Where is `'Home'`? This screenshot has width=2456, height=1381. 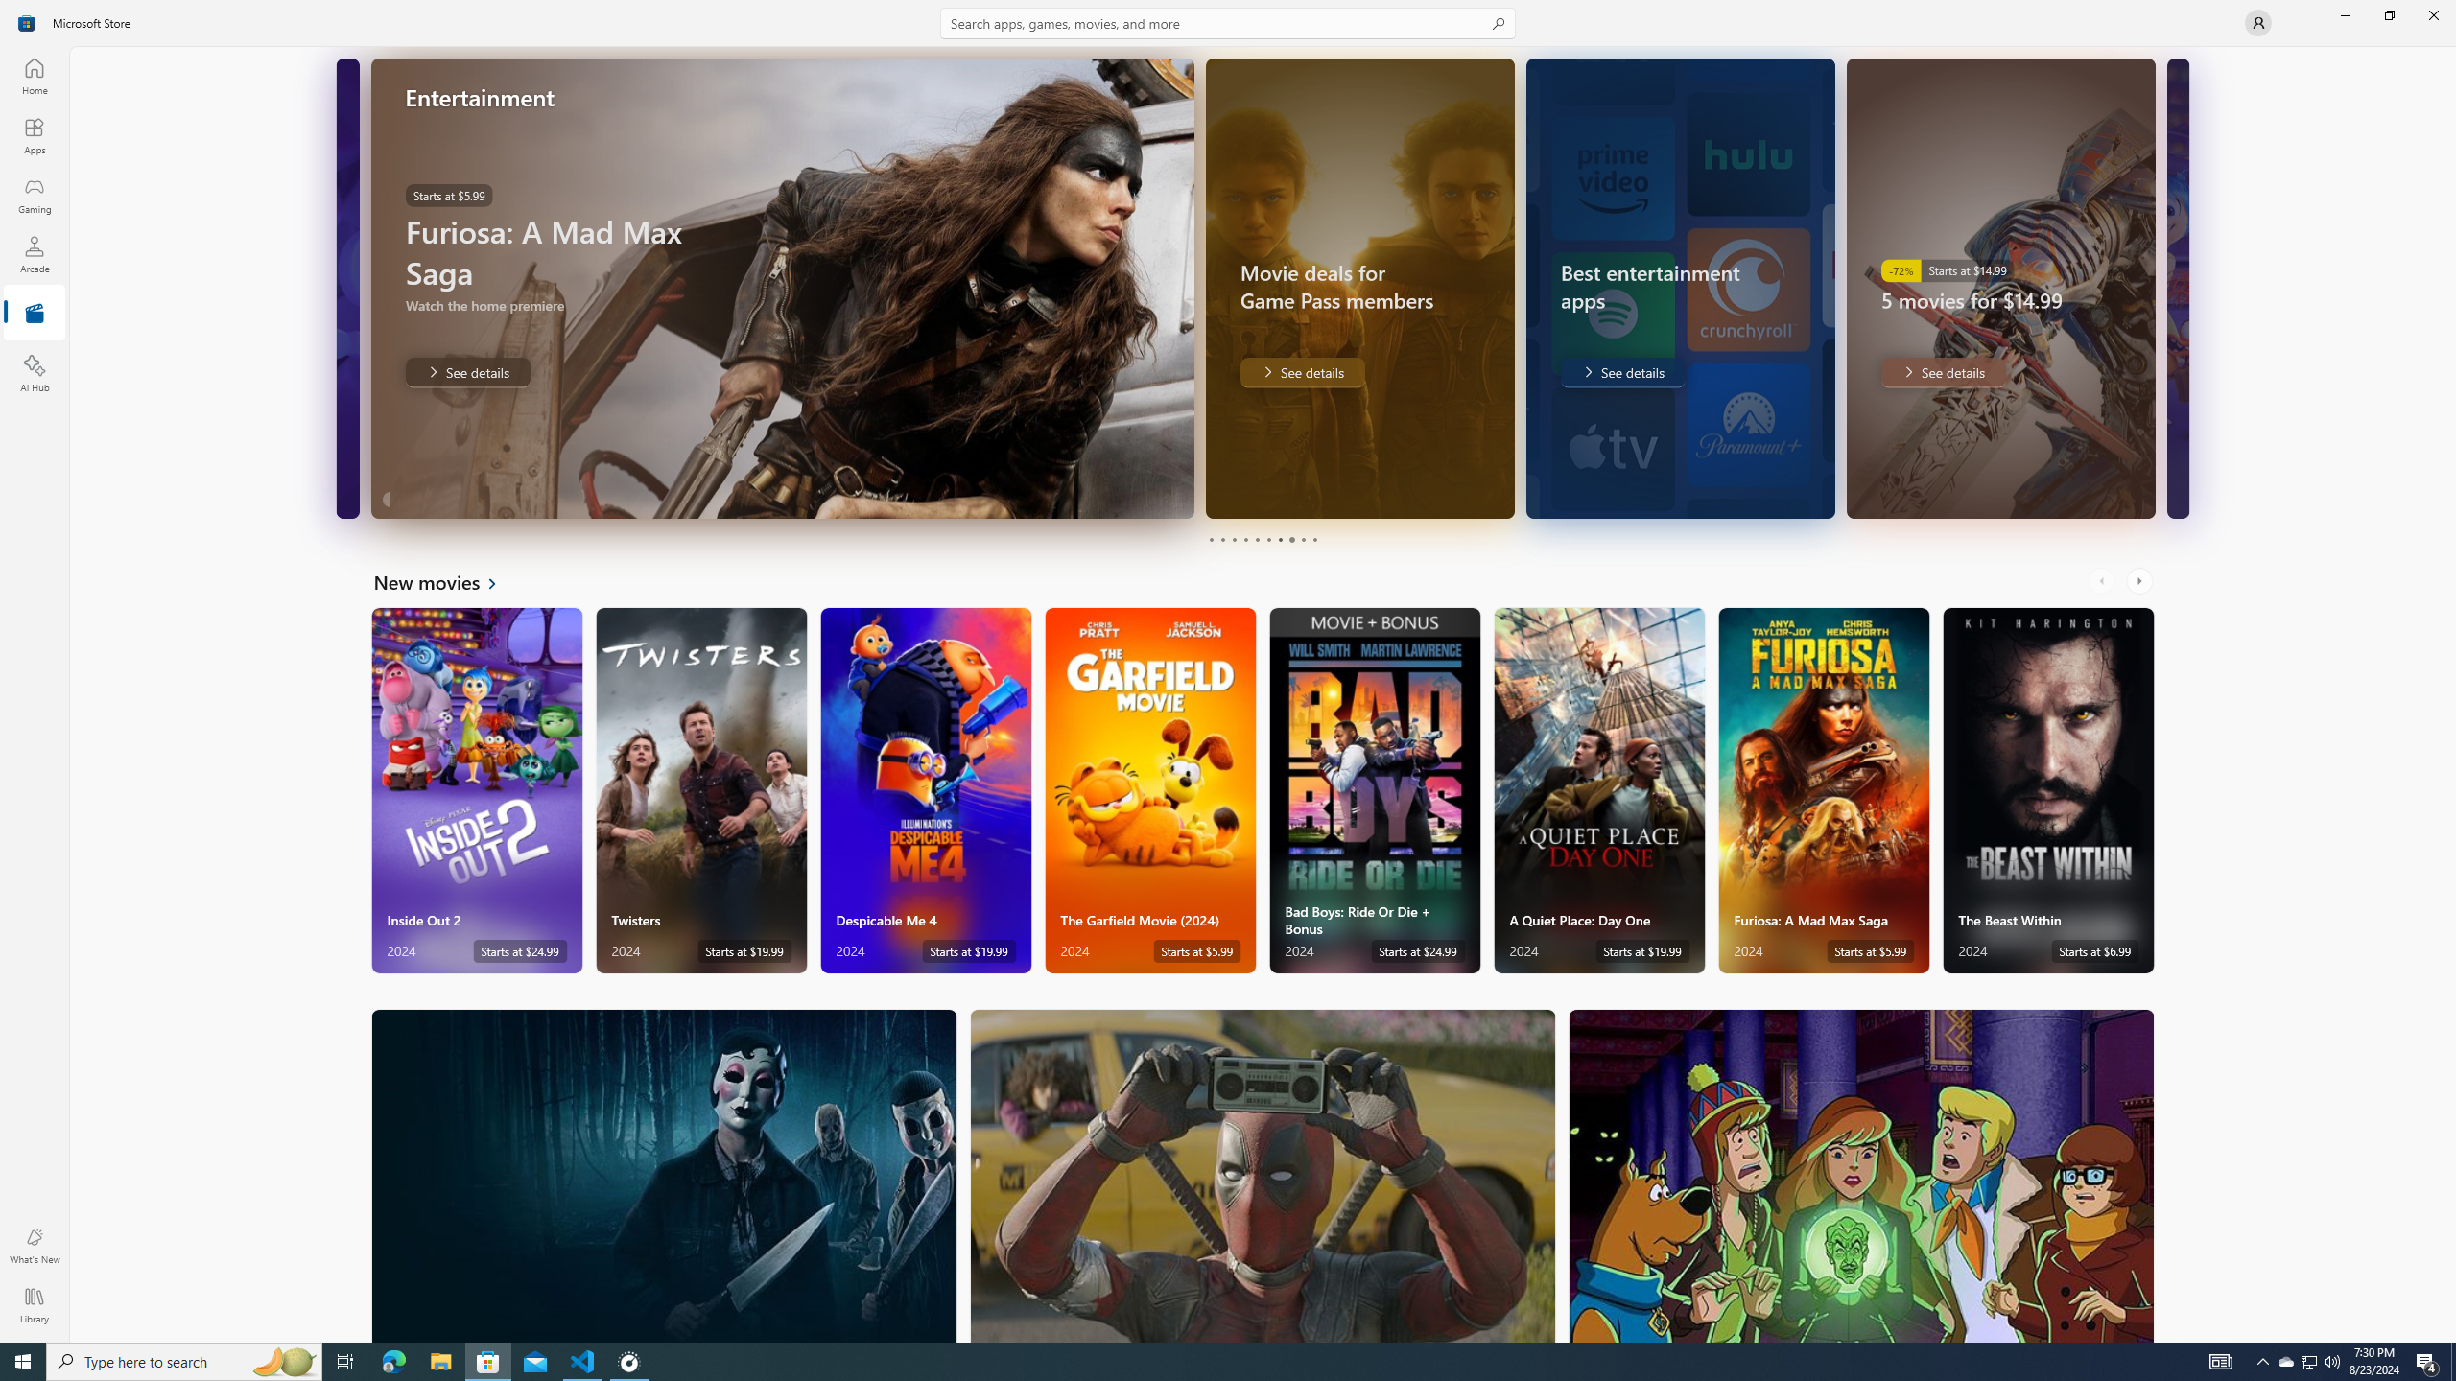
'Home' is located at coordinates (33, 75).